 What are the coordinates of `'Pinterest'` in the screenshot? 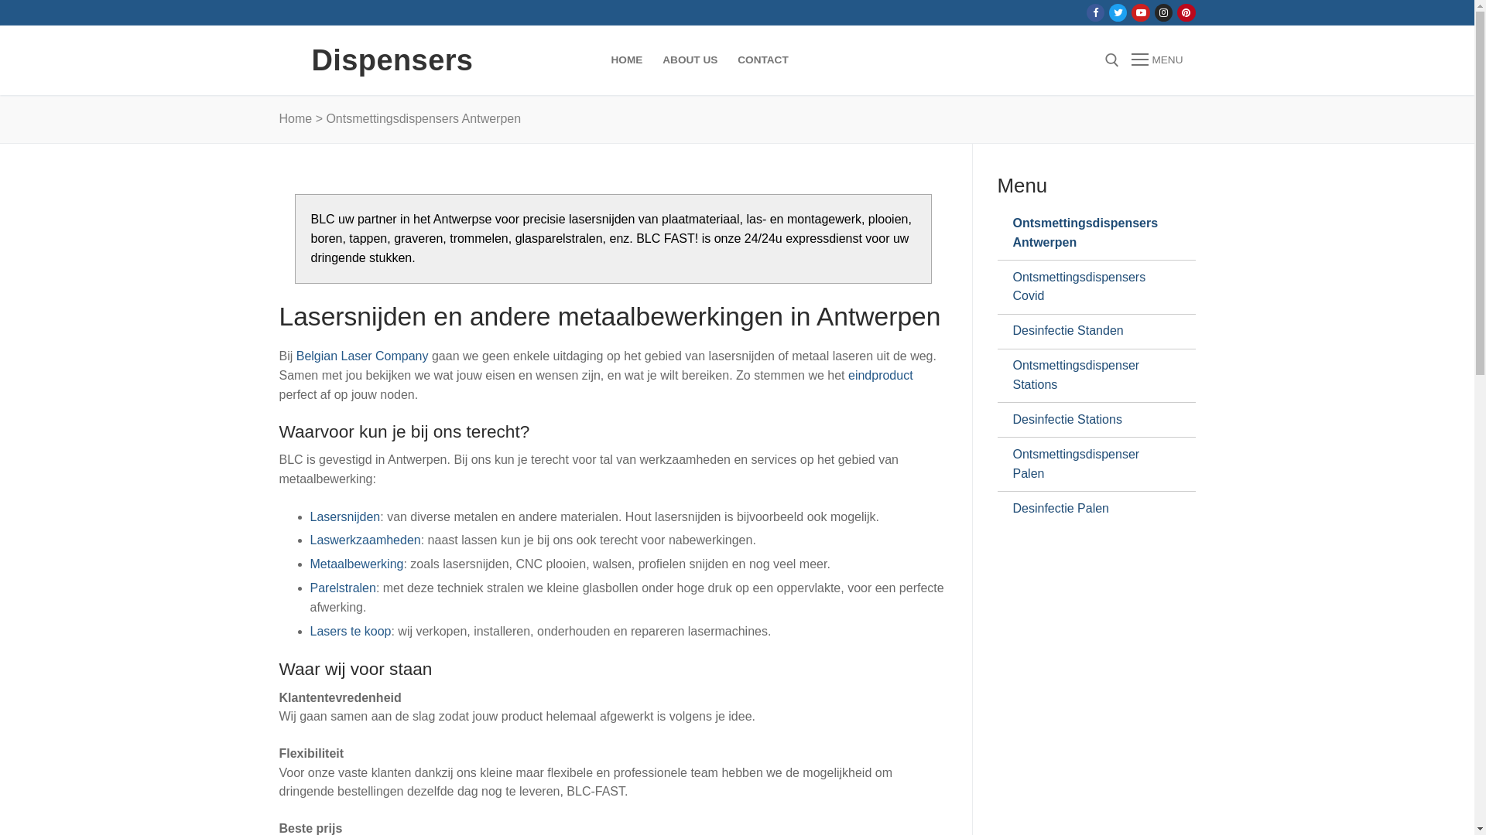 It's located at (1185, 12).